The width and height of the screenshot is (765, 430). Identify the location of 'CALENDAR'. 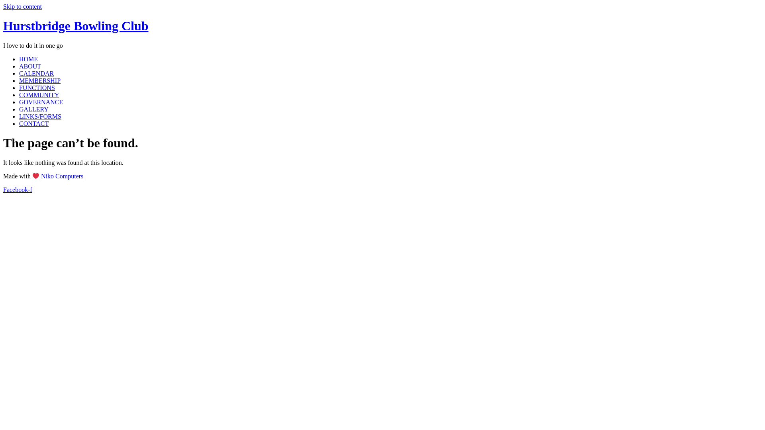
(36, 73).